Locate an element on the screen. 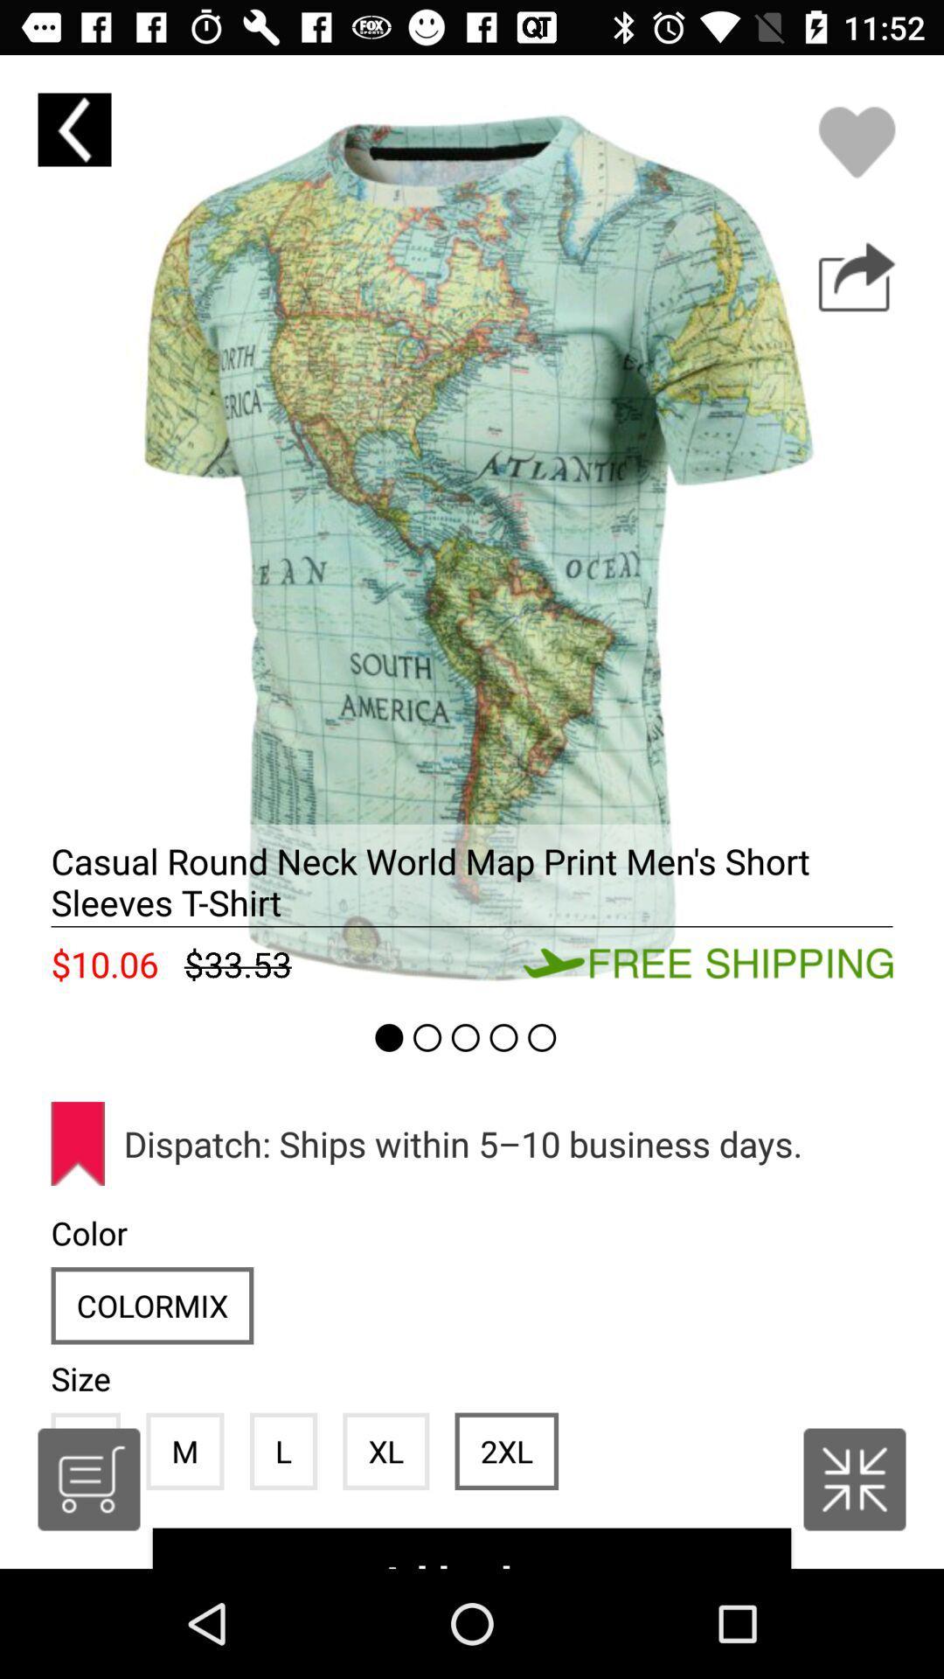 Image resolution: width=944 pixels, height=1679 pixels. item above add to bag is located at coordinates (506, 1451).